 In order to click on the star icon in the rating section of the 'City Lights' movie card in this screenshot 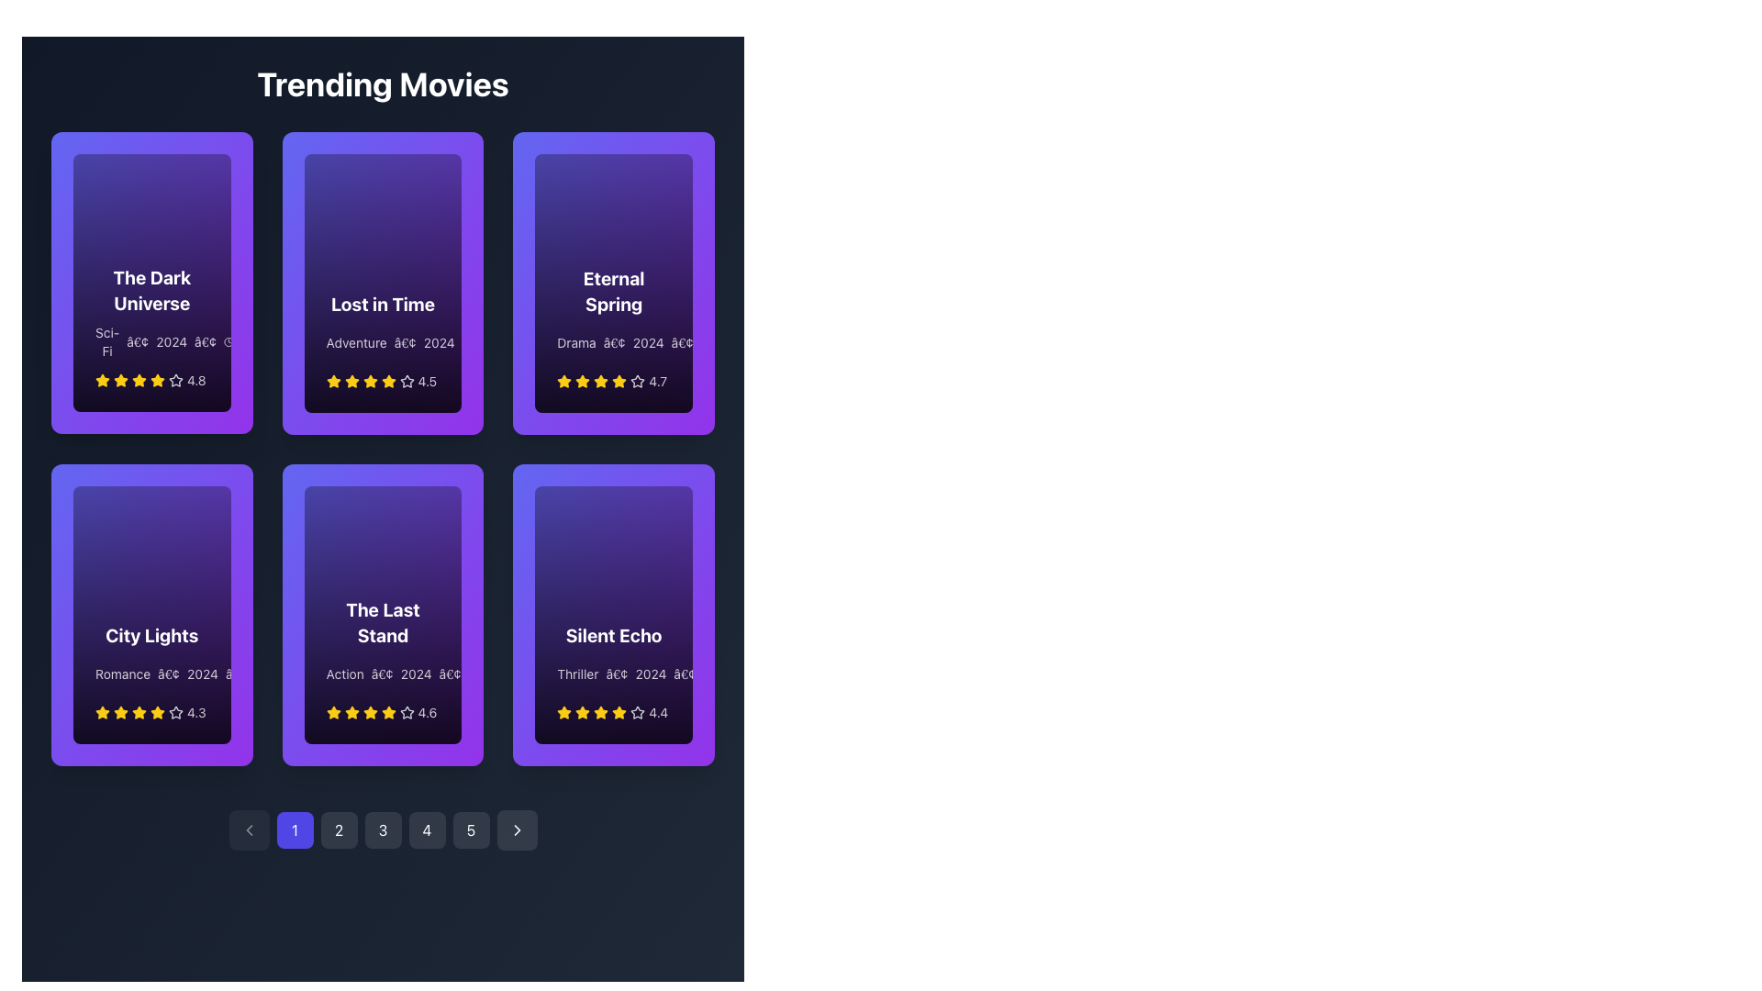, I will do `click(139, 711)`.